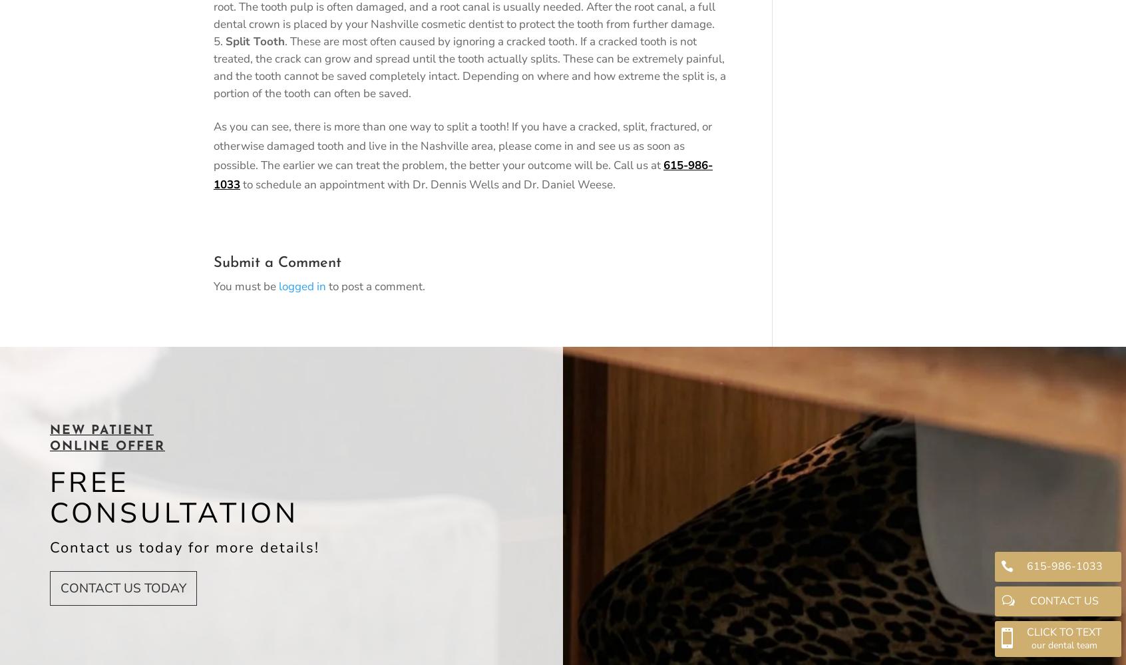  I want to click on 'to post a comment.', so click(375, 285).